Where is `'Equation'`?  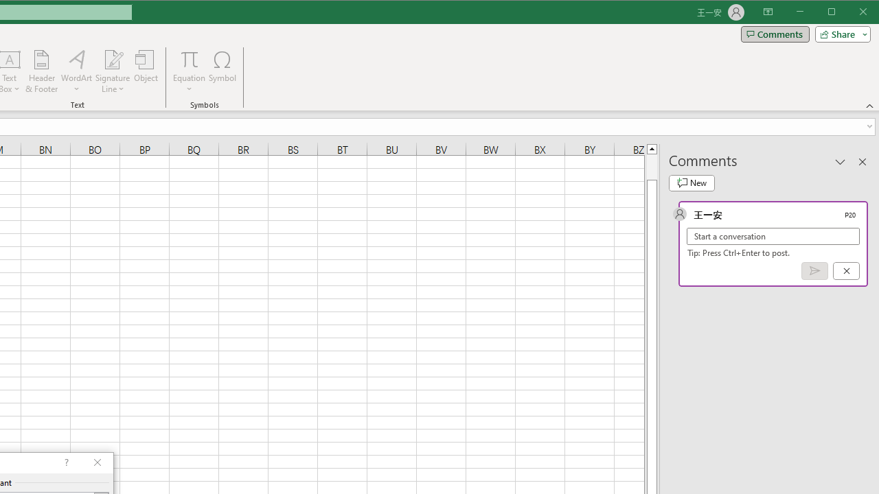
'Equation' is located at coordinates (188, 71).